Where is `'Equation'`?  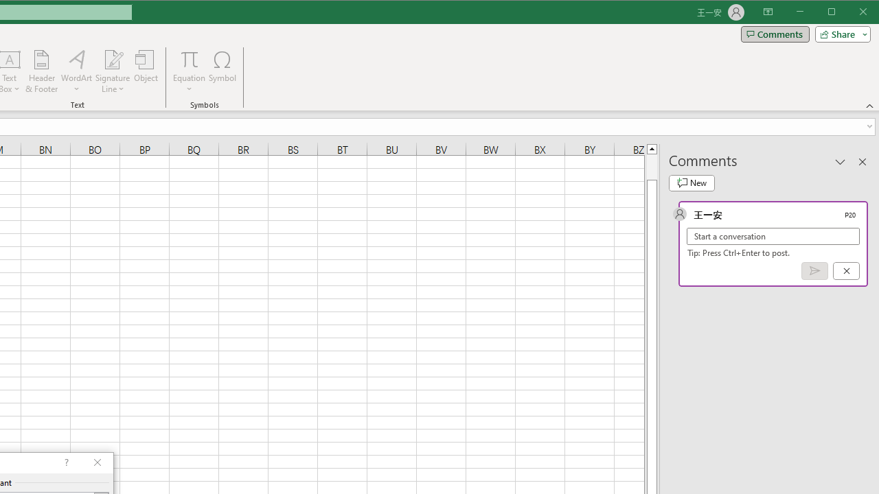
'Equation' is located at coordinates (188, 71).